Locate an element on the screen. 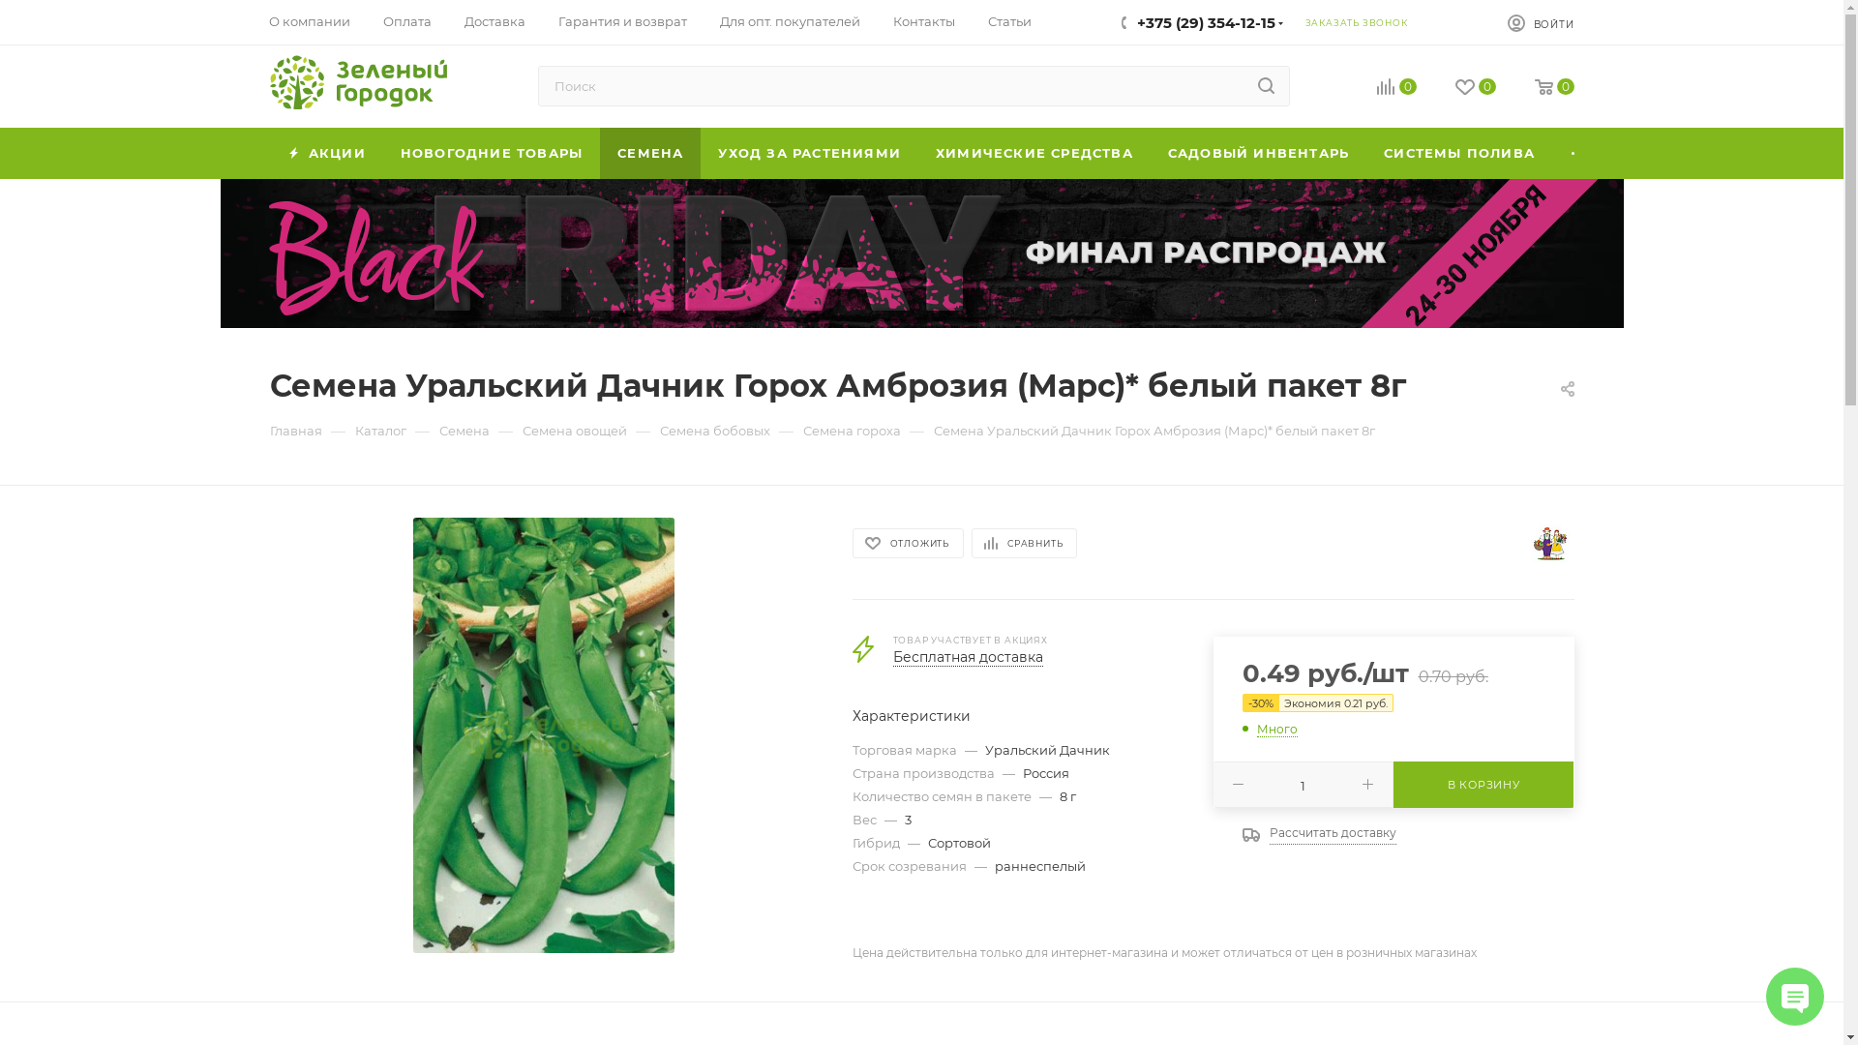  '0' is located at coordinates (1554, 88).